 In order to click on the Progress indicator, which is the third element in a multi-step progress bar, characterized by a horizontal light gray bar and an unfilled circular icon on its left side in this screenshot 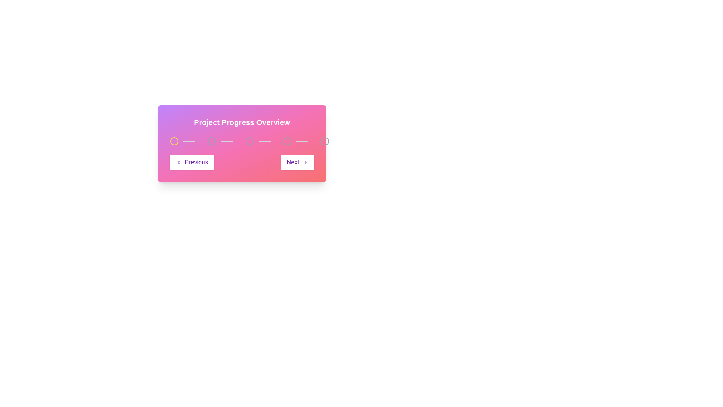, I will do `click(258, 141)`.